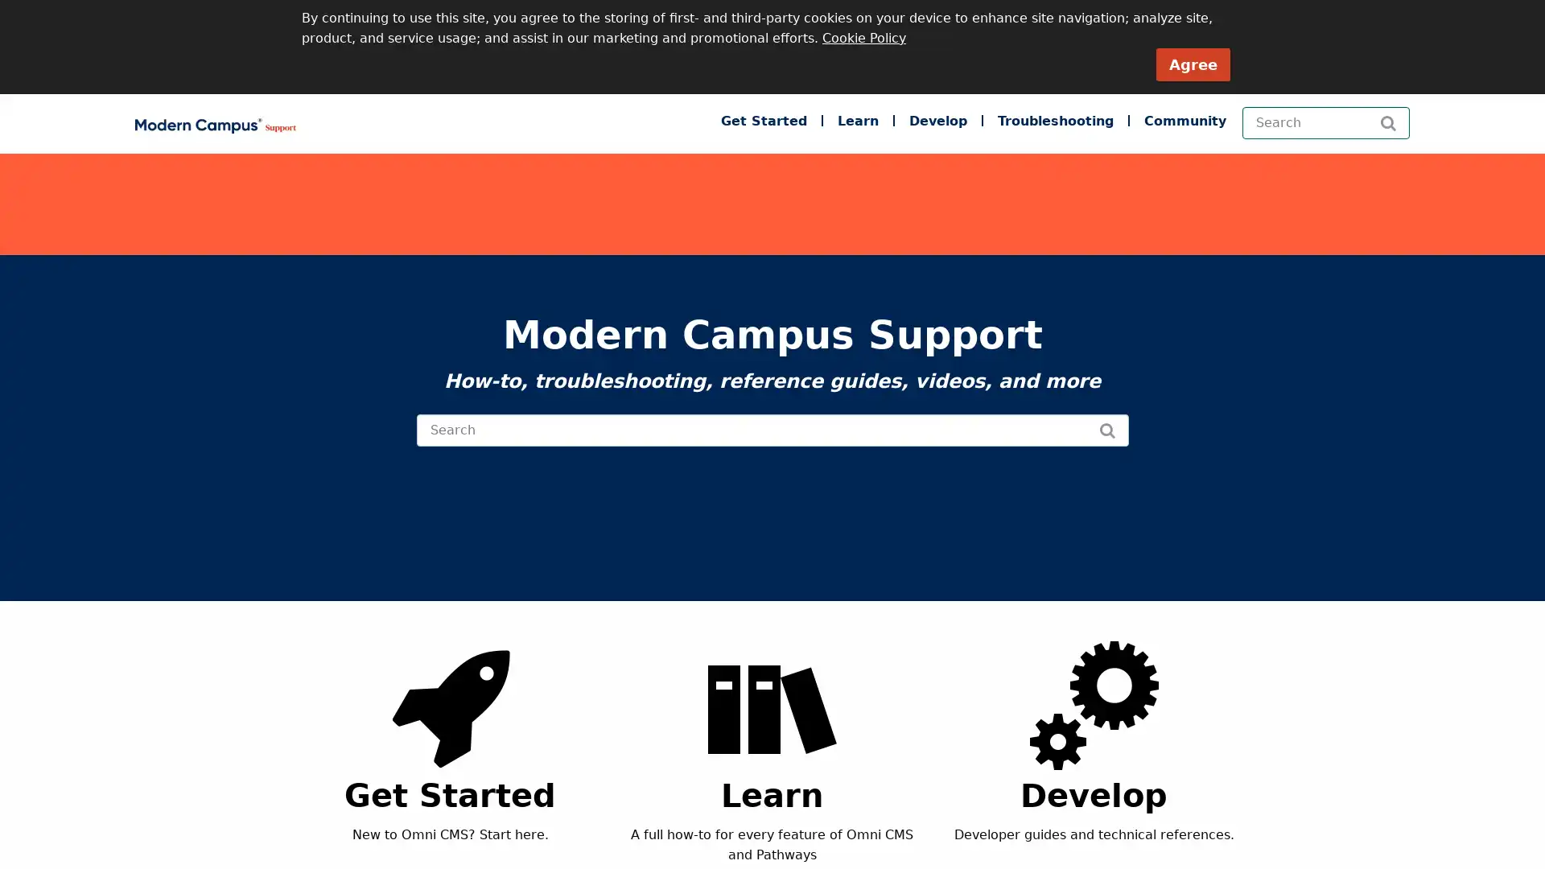  I want to click on Search, so click(1106, 428).